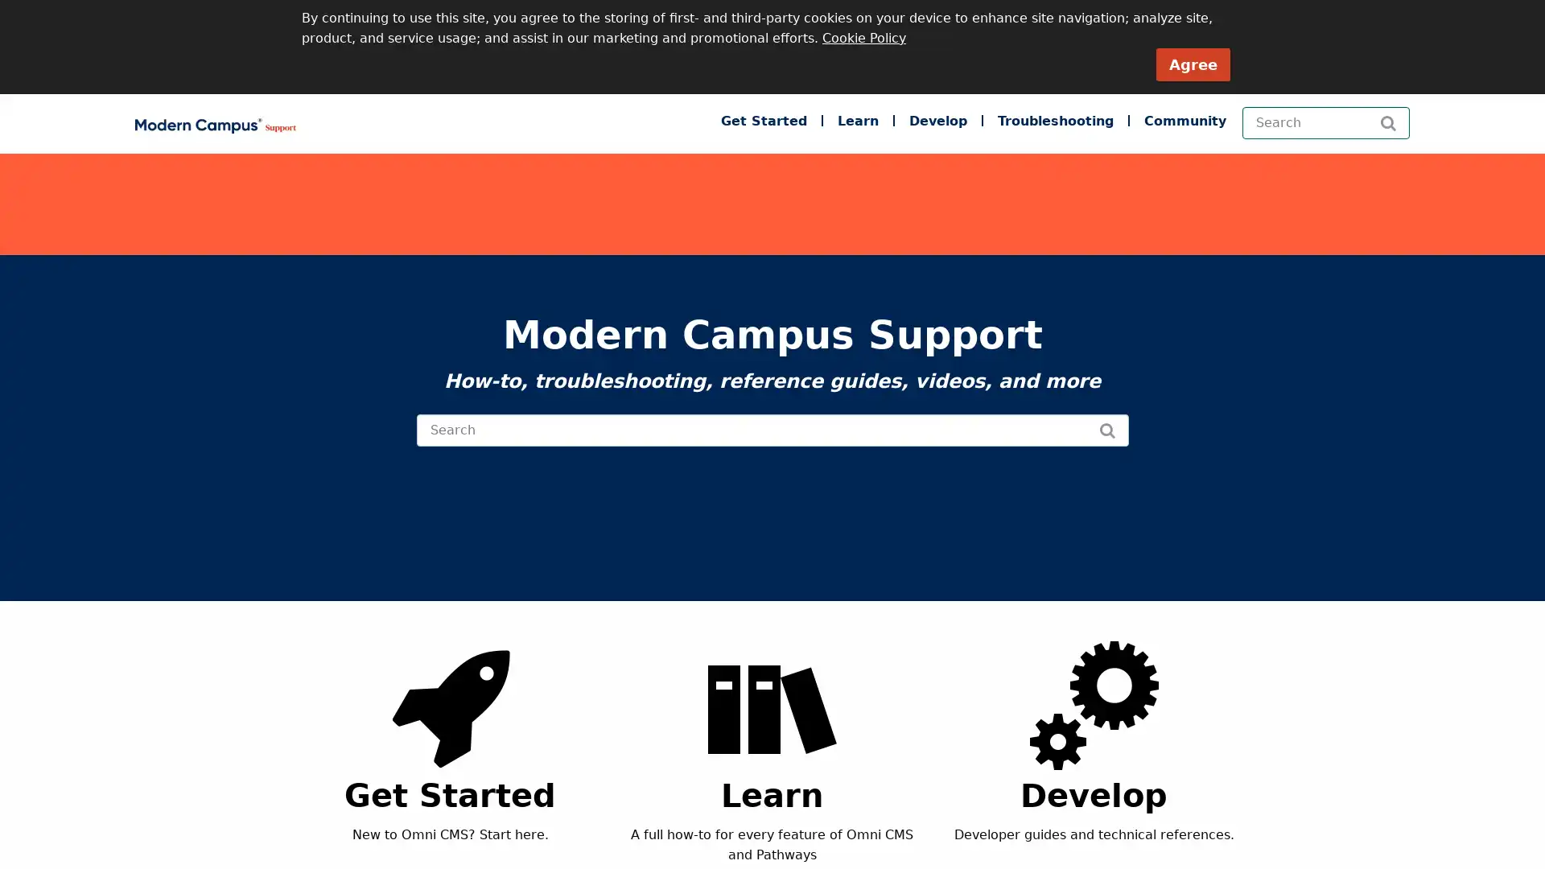  I want to click on Search, so click(1106, 428).